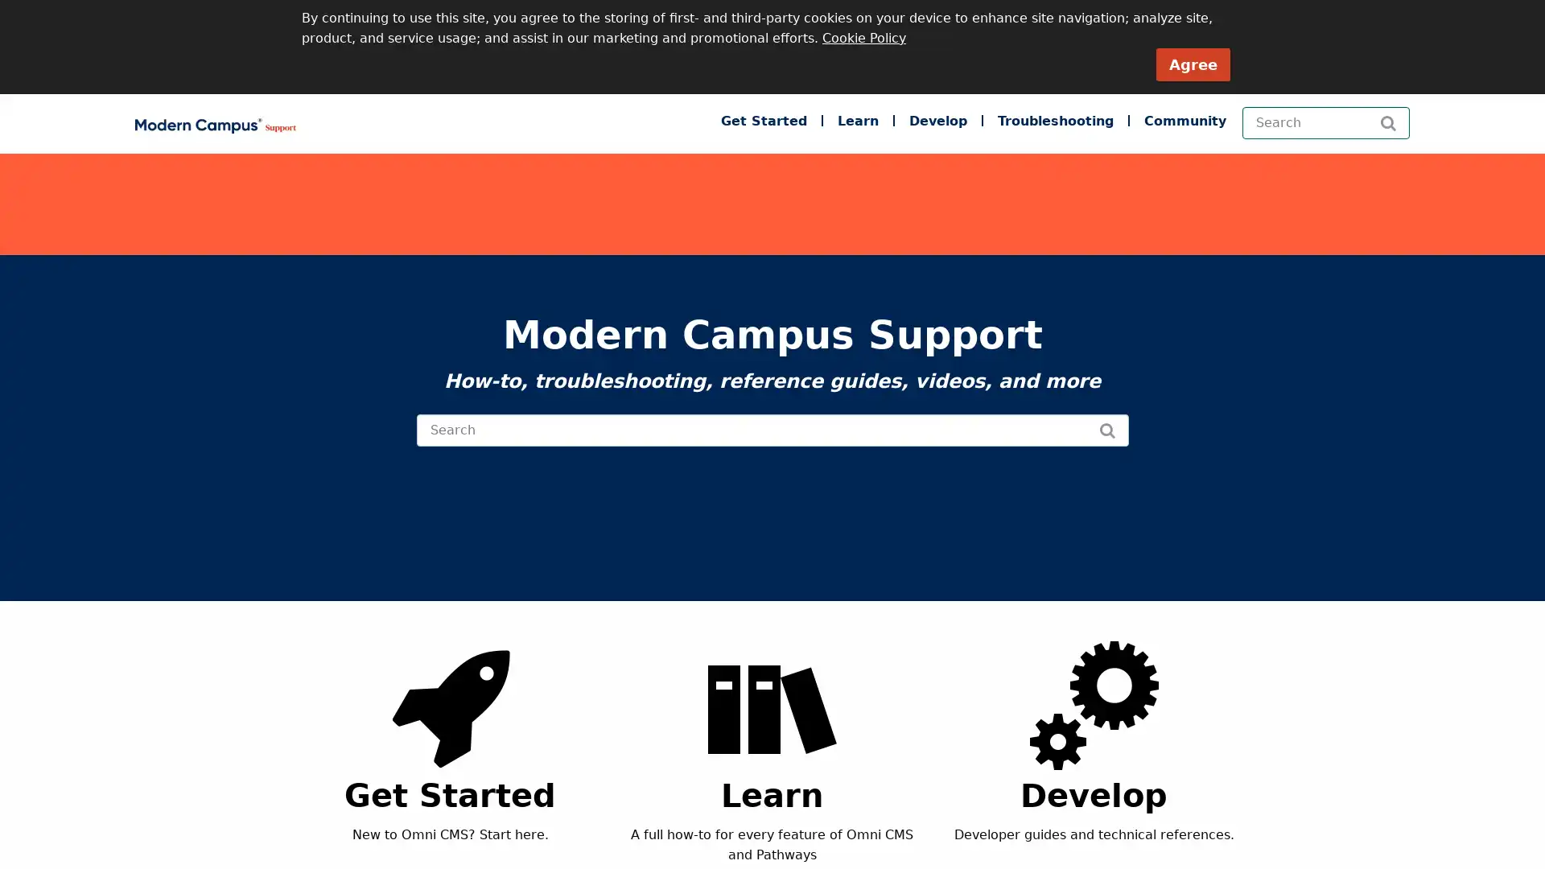  I want to click on Search, so click(1106, 428).